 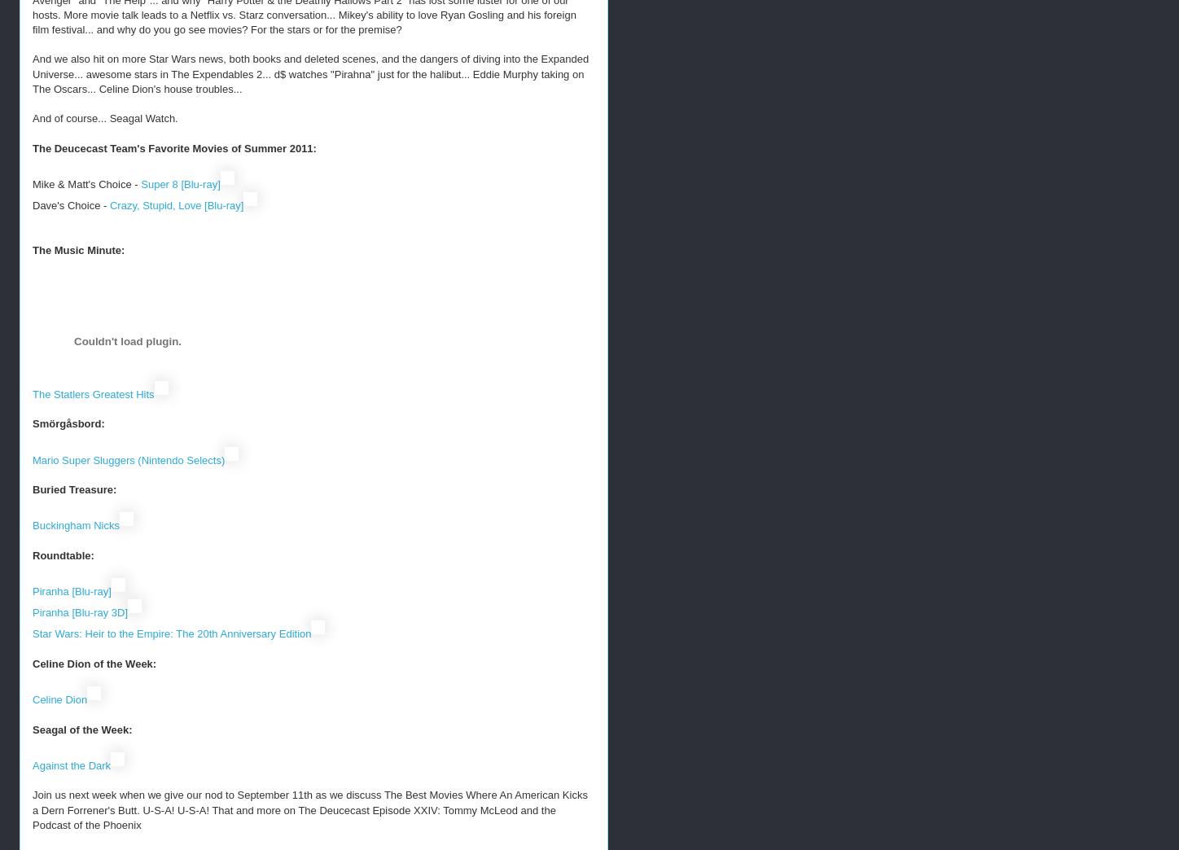 What do you see at coordinates (127, 458) in the screenshot?
I see `'Mario Super Sluggers (Nintendo Selects)'` at bounding box center [127, 458].